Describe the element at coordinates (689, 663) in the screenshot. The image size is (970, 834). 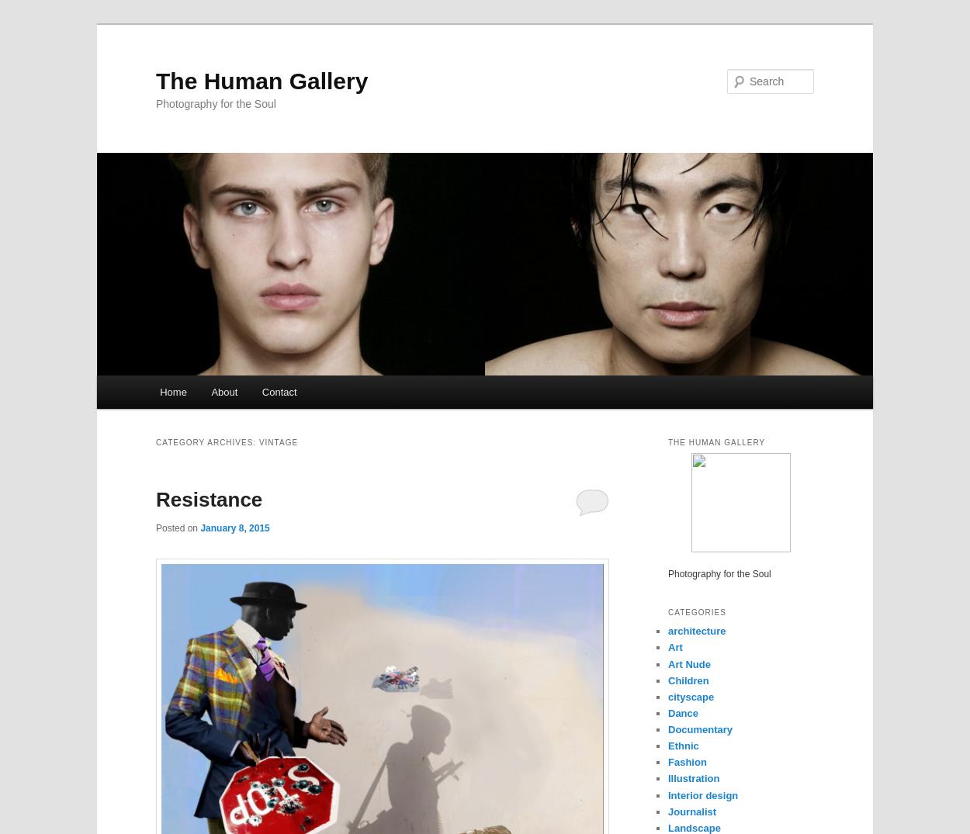
I see `'Art Nude'` at that location.